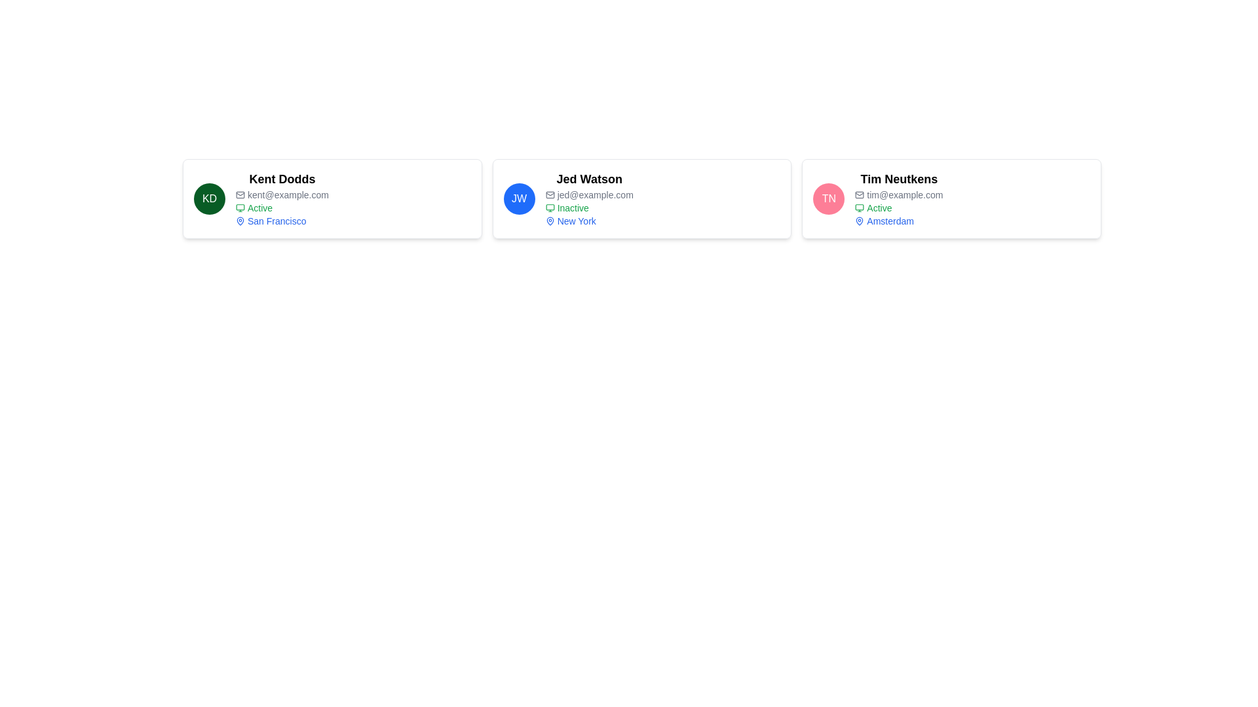 The image size is (1258, 707). I want to click on the prominent text label displaying the name 'Tim Neutkens', which is located at the top of its card on the far right of a horizontal set of three cards, so click(898, 179).